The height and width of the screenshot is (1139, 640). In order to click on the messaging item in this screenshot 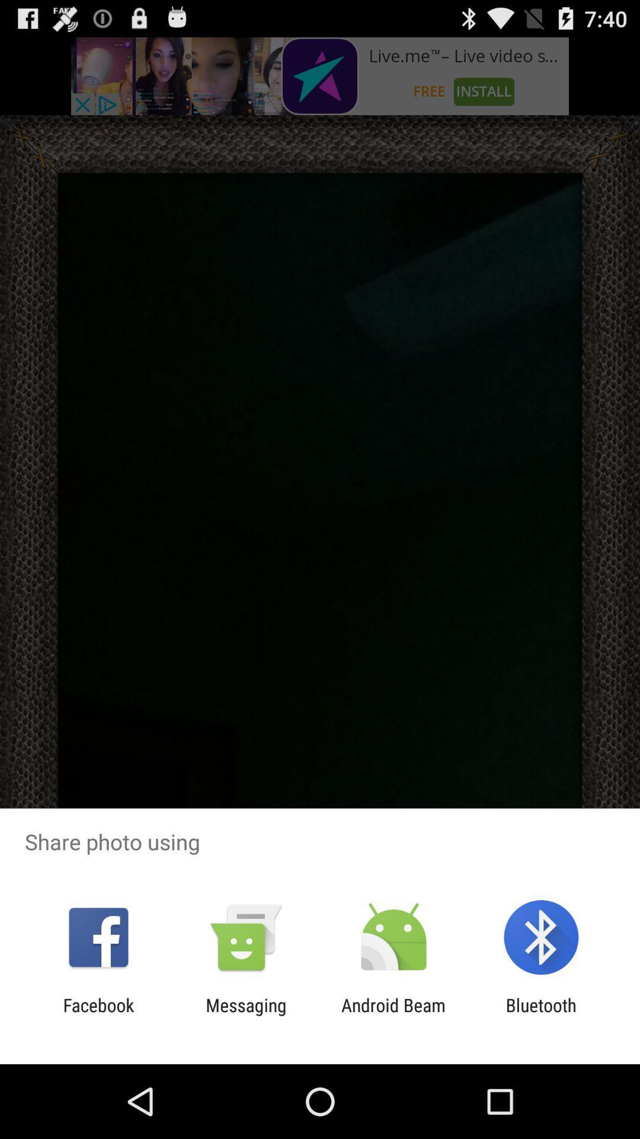, I will do `click(245, 1015)`.